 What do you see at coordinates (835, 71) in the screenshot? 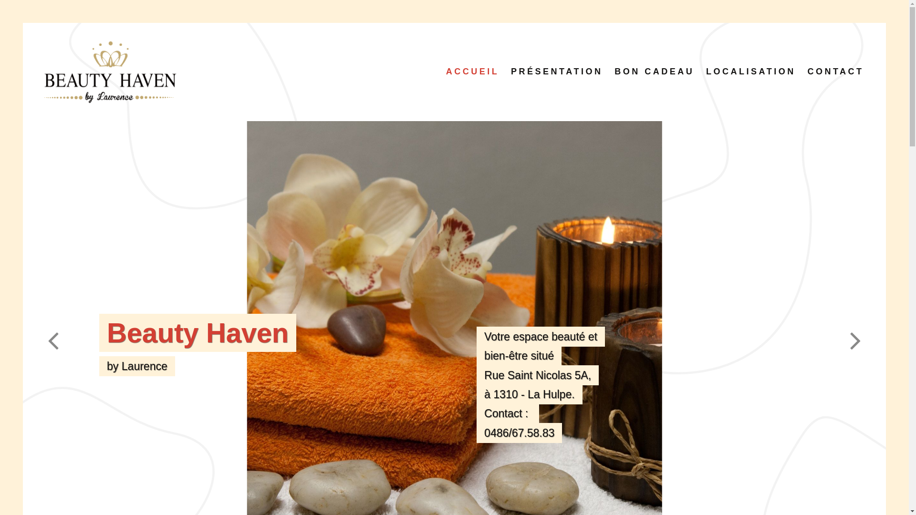
I see `'CONTACT'` at bounding box center [835, 71].